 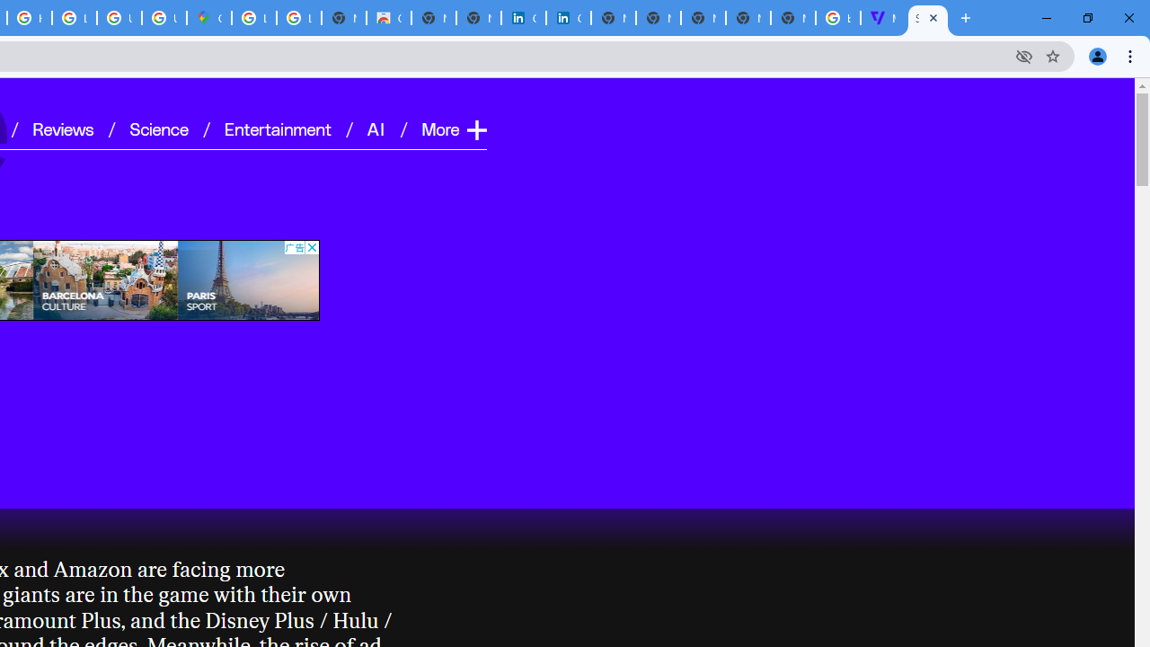 I want to click on 'AutomationID: cbb', so click(x=311, y=247).